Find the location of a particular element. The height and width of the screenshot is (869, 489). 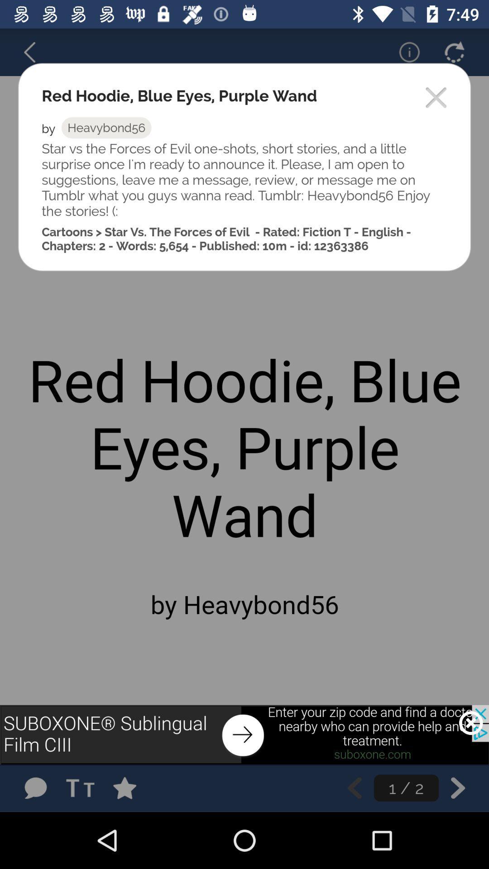

comment is located at coordinates (35, 788).